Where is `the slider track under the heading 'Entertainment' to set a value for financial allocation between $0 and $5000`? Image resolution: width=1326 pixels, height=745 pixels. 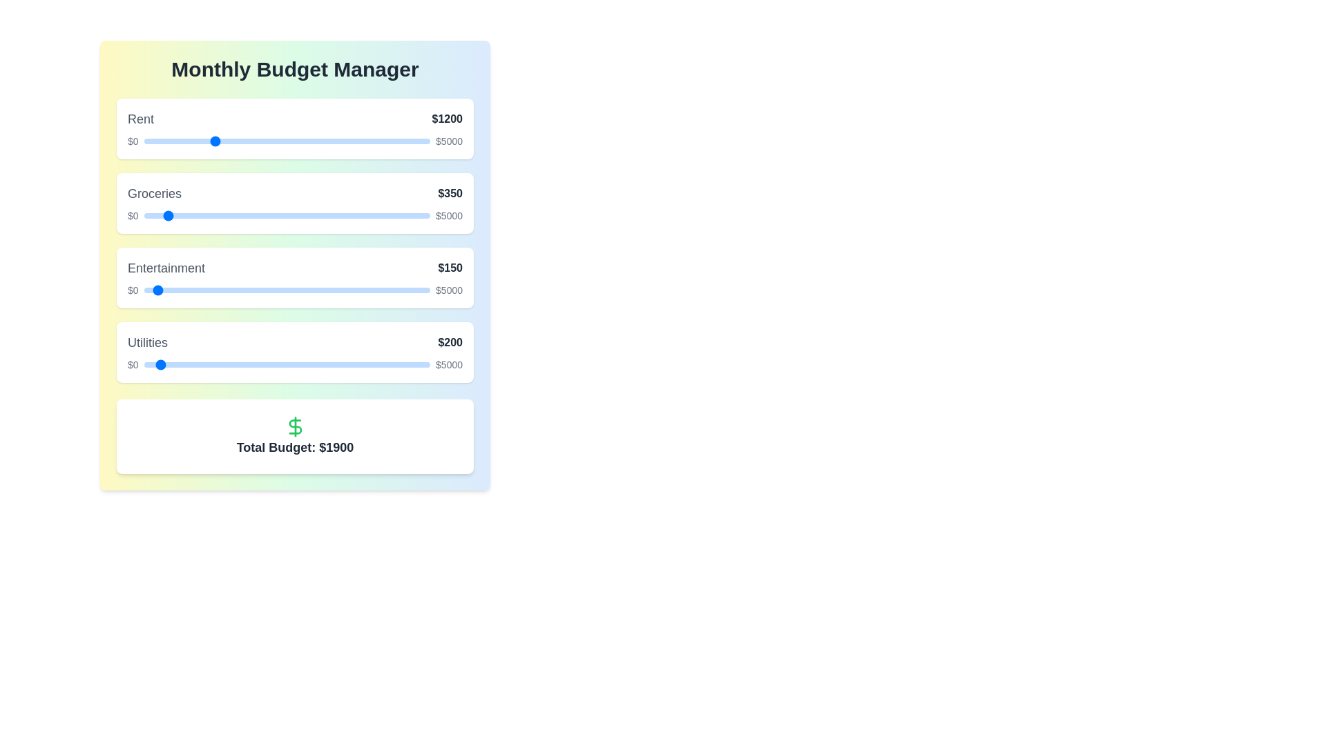 the slider track under the heading 'Entertainment' to set a value for financial allocation between $0 and $5000 is located at coordinates (294, 289).